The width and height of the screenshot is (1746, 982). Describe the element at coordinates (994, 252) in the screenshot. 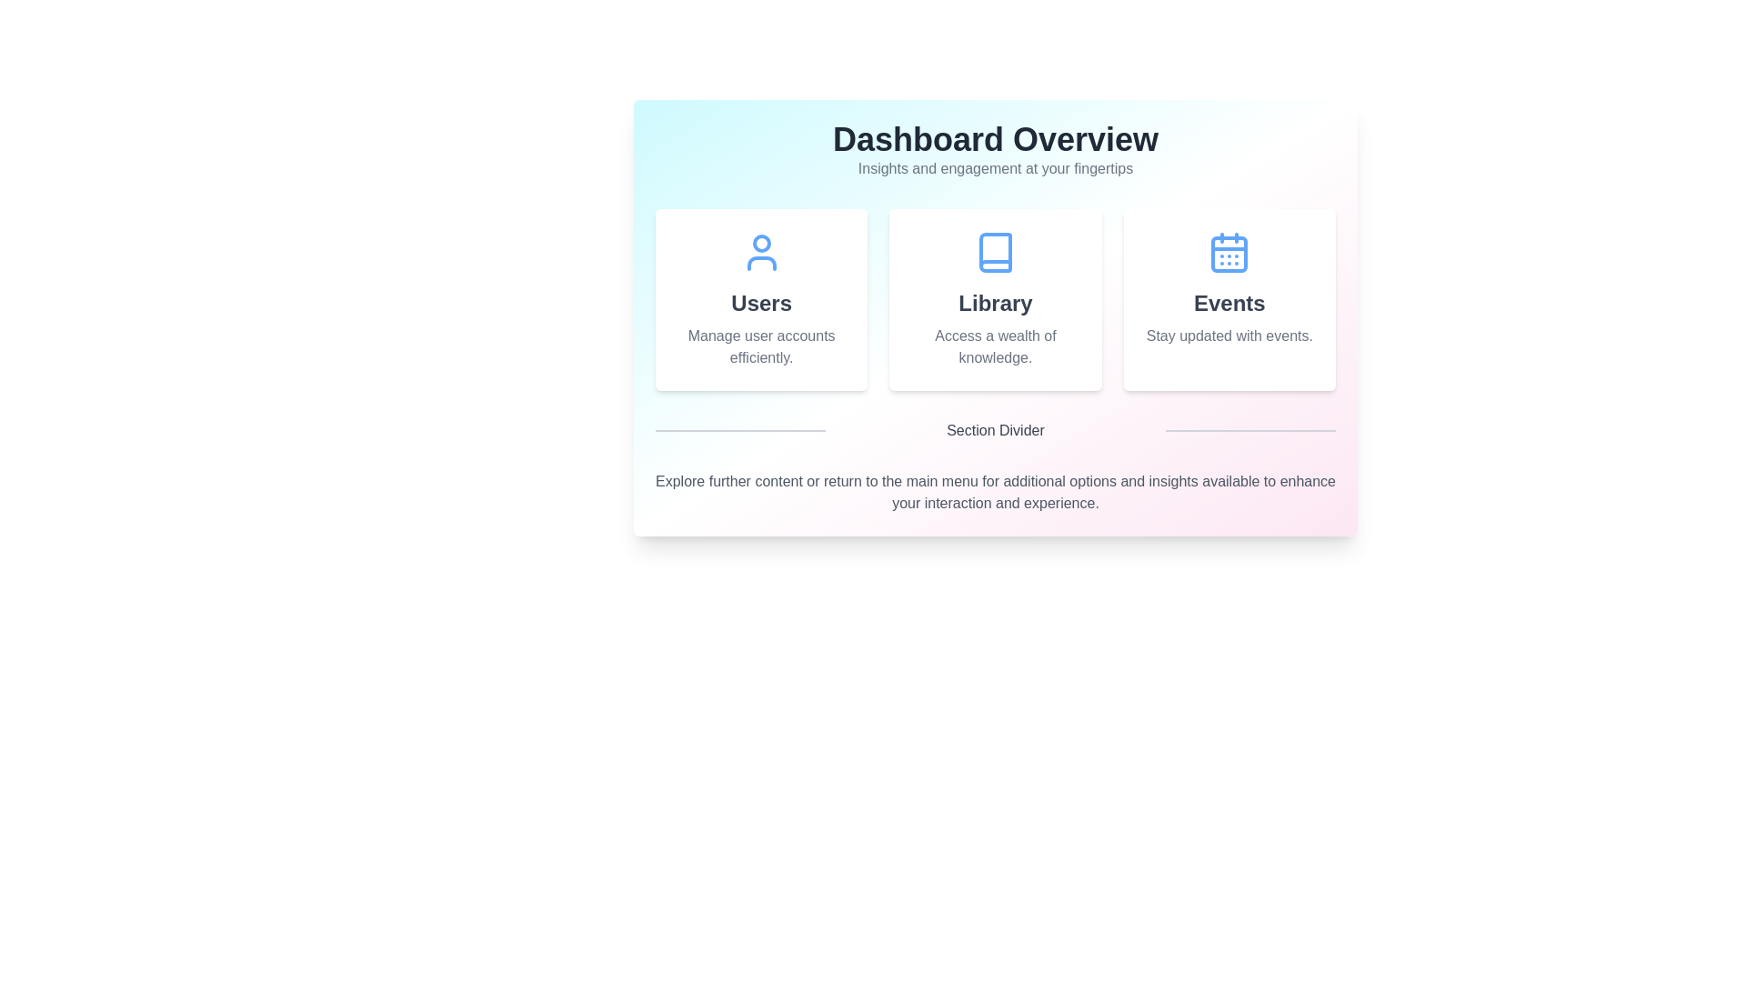

I see `the library icon` at that location.